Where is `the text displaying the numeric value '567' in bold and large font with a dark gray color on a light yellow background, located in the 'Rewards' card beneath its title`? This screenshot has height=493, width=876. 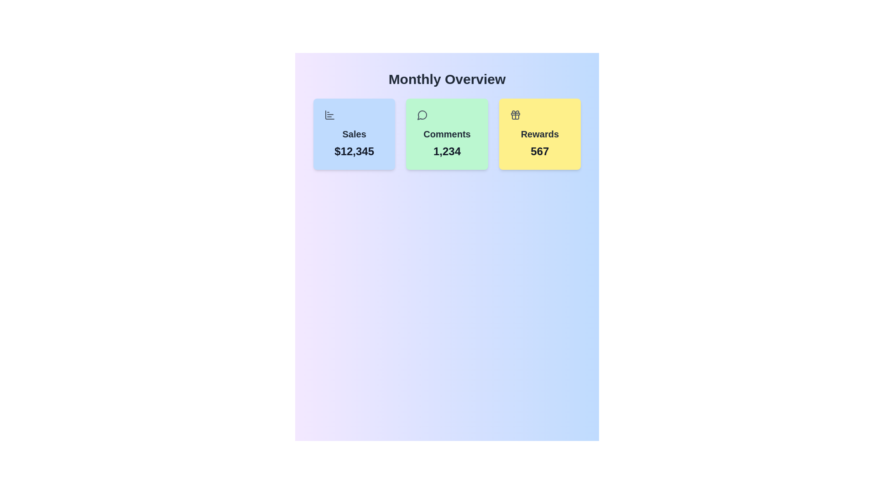
the text displaying the numeric value '567' in bold and large font with a dark gray color on a light yellow background, located in the 'Rewards' card beneath its title is located at coordinates (540, 151).